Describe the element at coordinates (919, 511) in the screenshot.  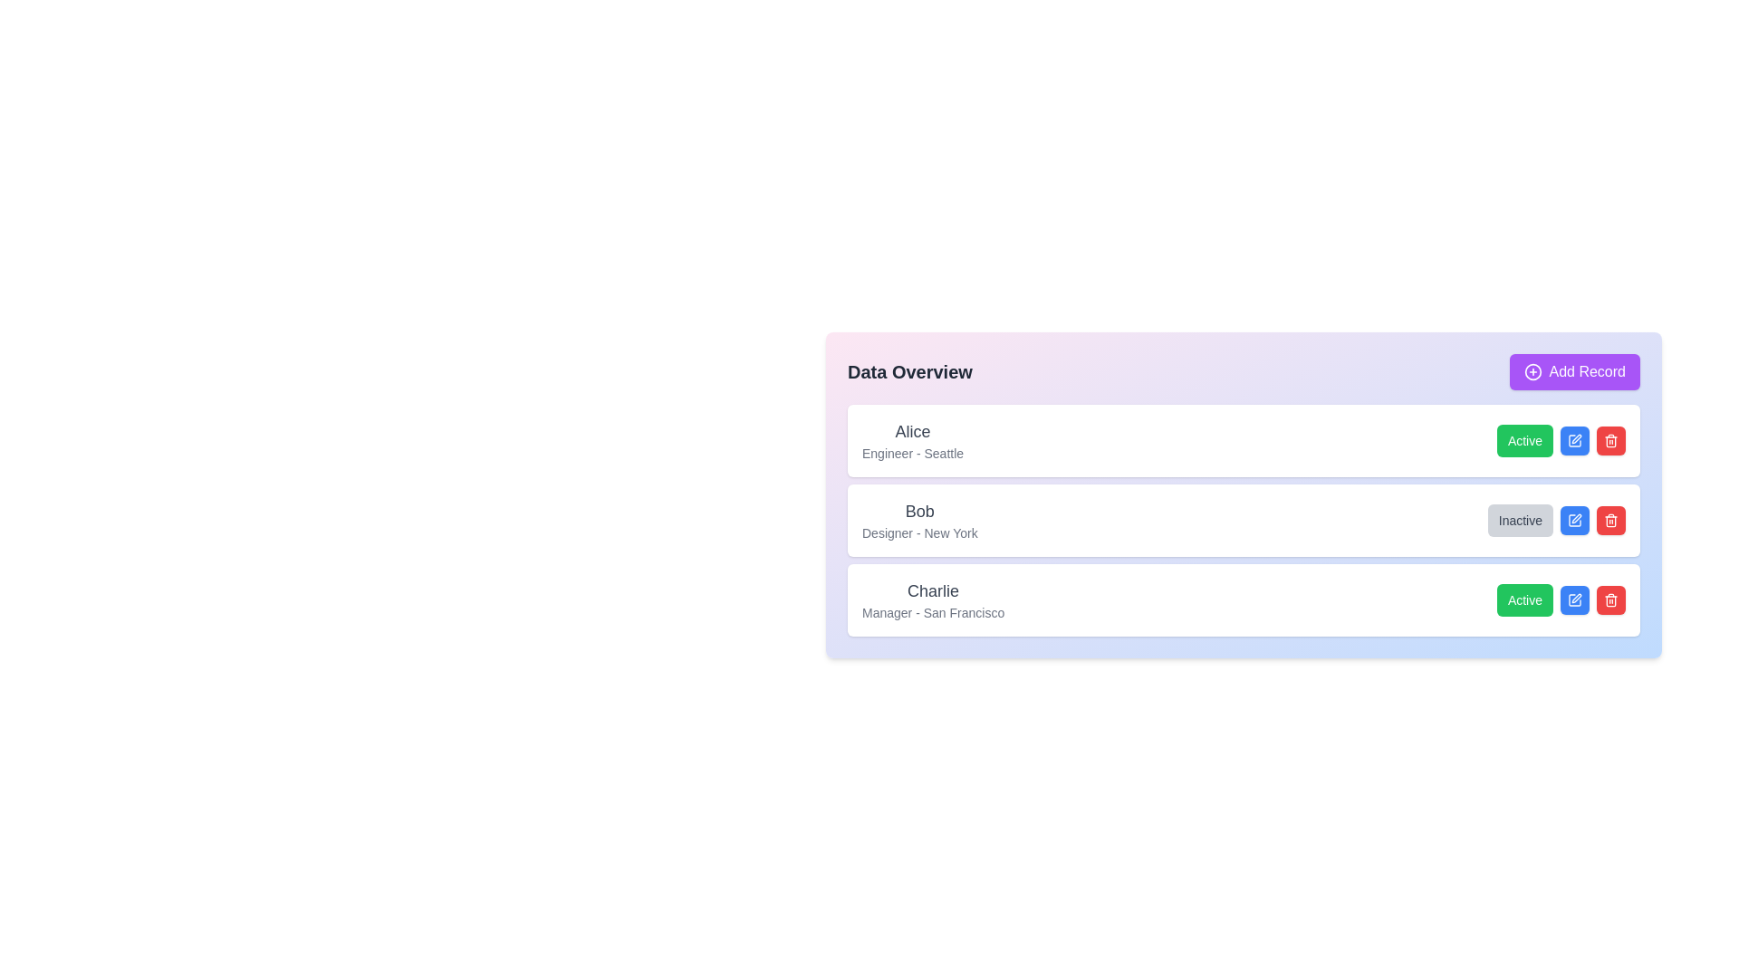
I see `the text element labeled 'Bob' which serves as the primary title` at that location.